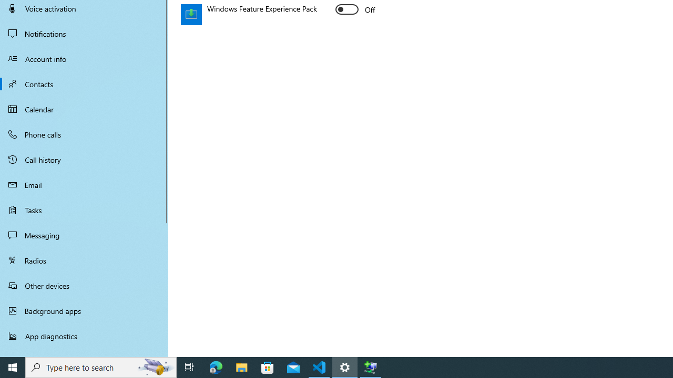  Describe the element at coordinates (319, 366) in the screenshot. I see `'Visual Studio Code - 1 running window'` at that location.